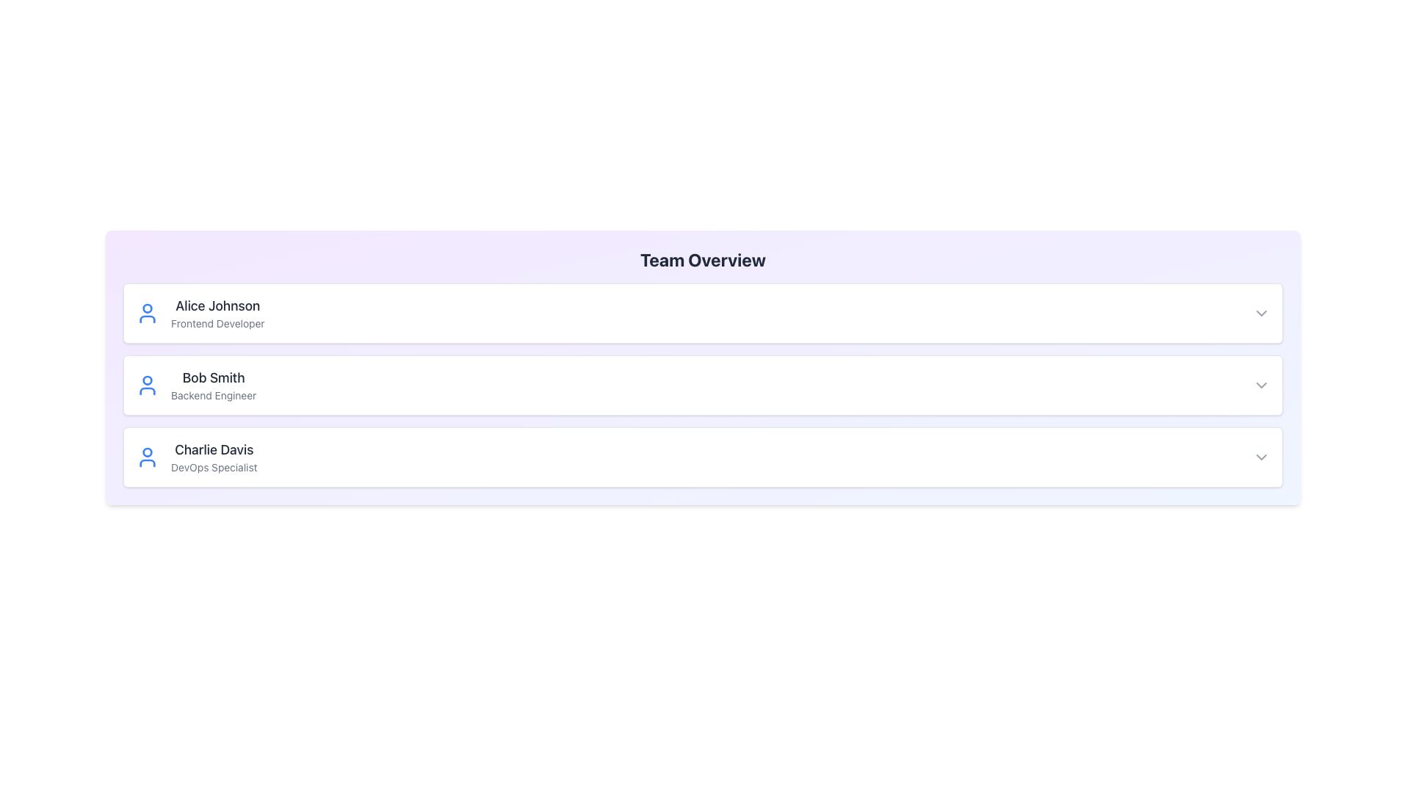 This screenshot has height=793, width=1410. Describe the element at coordinates (213, 384) in the screenshot. I see `Text Block containing the name 'Bob Smith' and the title 'Backend Engineer', which is styled with distinct typography and is the second item in the list of team members` at that location.